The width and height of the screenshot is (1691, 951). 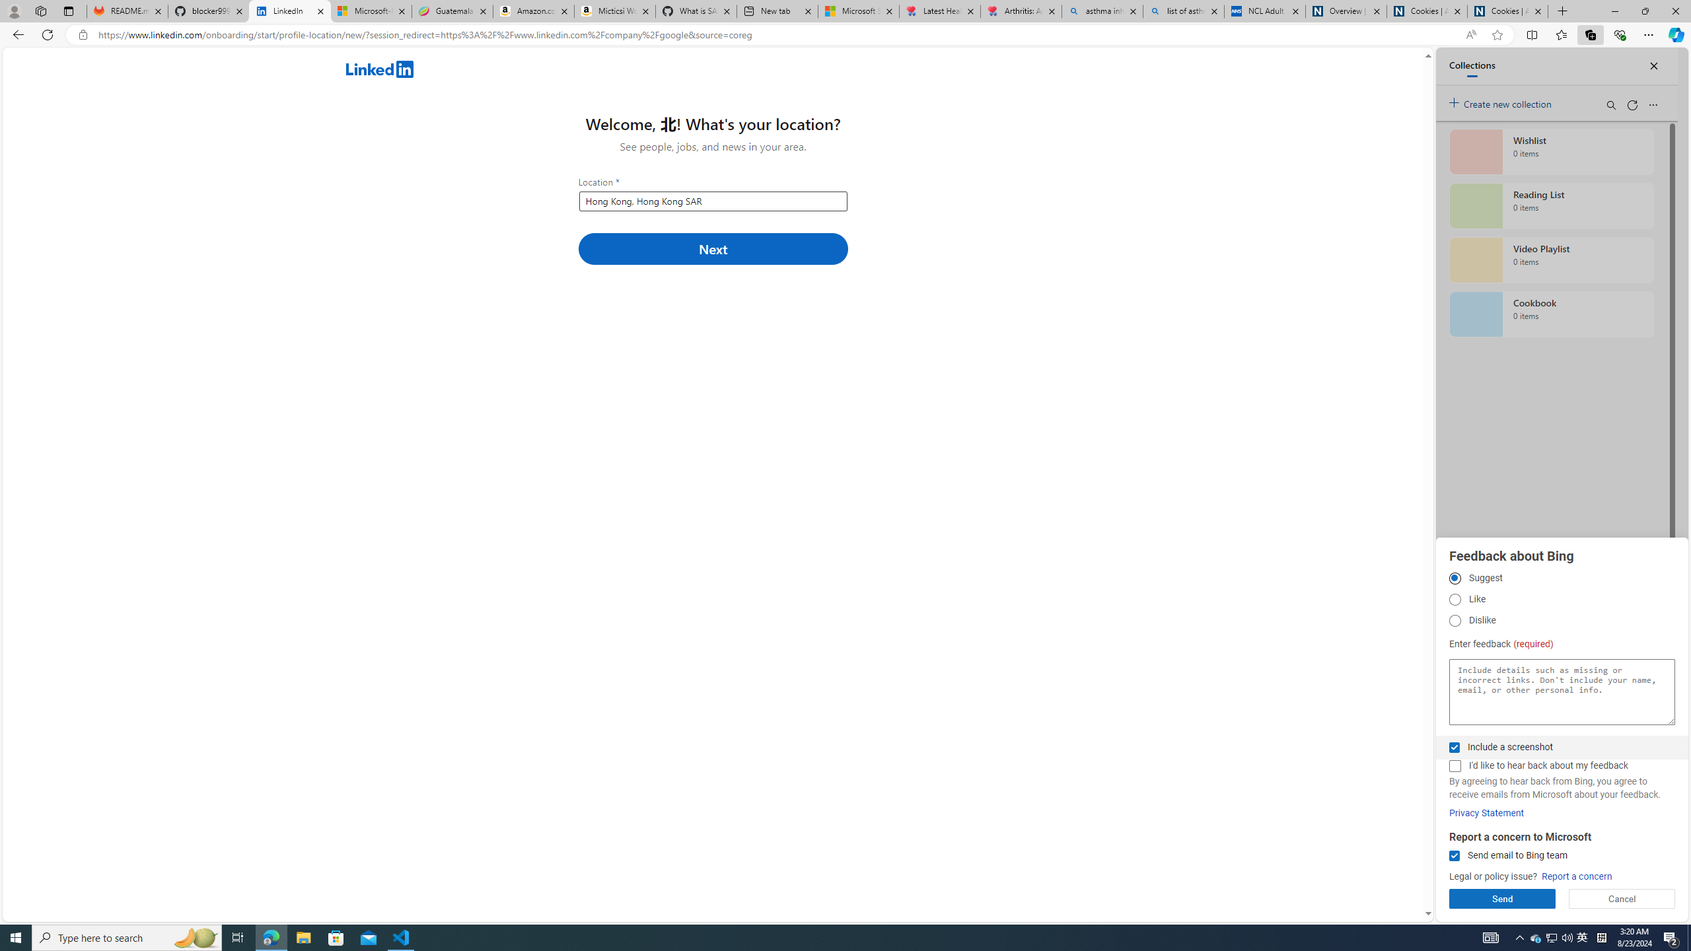 I want to click on 'Send email to Bing team', so click(x=1454, y=855).